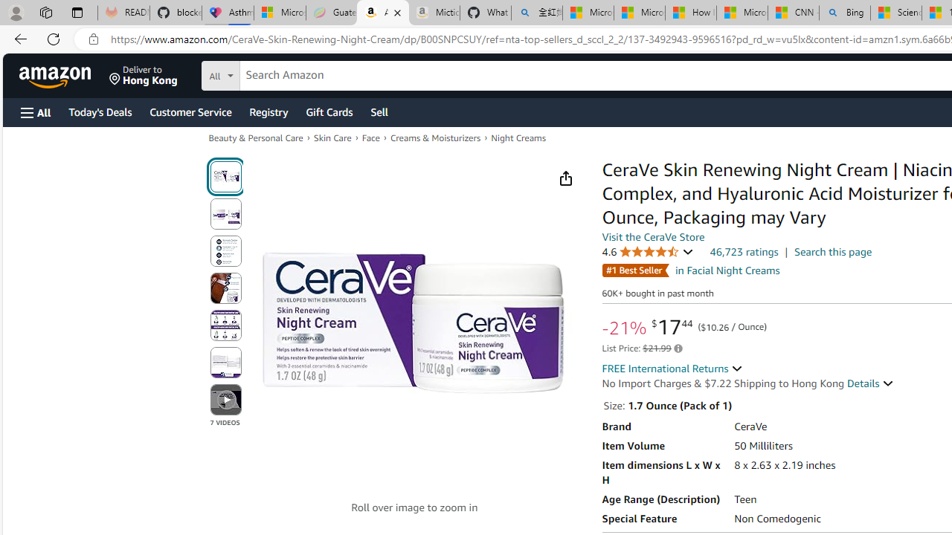  I want to click on 'How I Got Rid of Microsoft Edge', so click(689, 13).